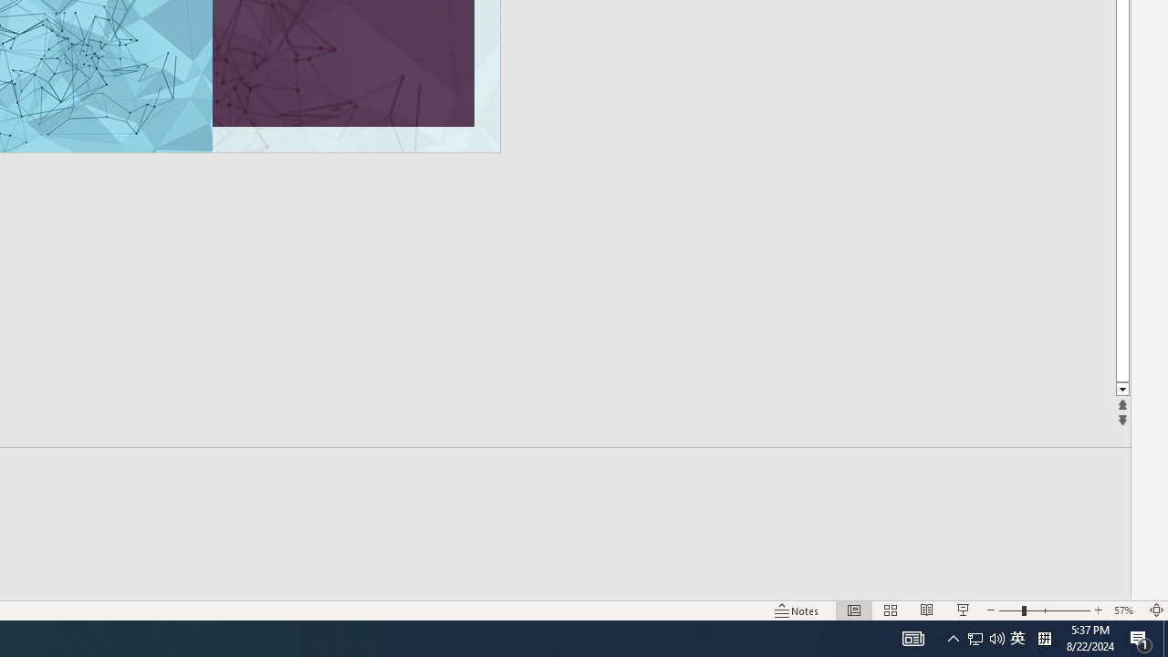 The height and width of the screenshot is (657, 1168). I want to click on 'Zoom to Fit ', so click(1155, 610).